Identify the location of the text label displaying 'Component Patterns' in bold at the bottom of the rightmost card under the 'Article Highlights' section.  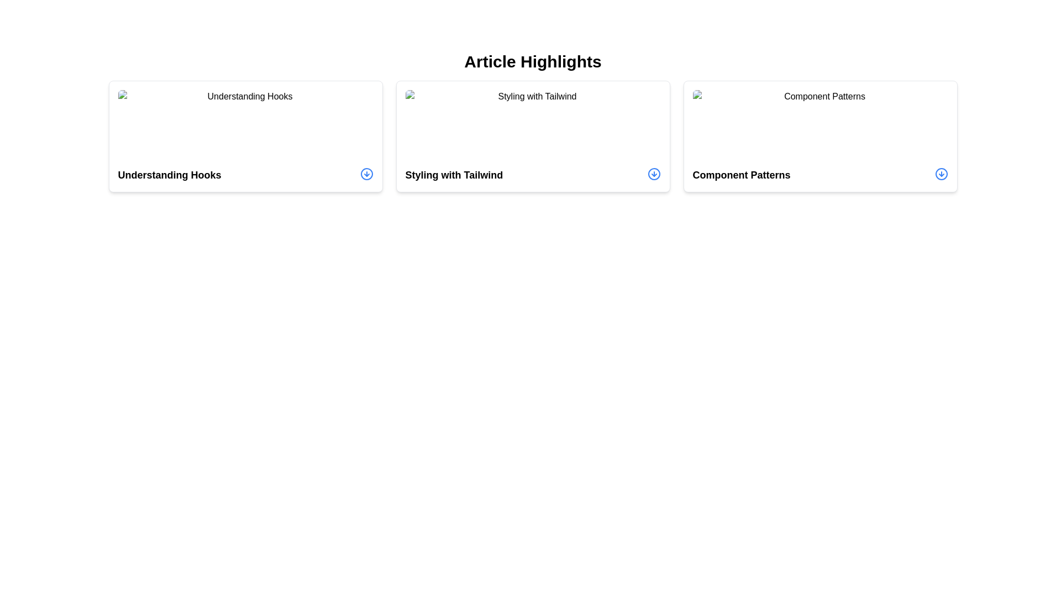
(742, 174).